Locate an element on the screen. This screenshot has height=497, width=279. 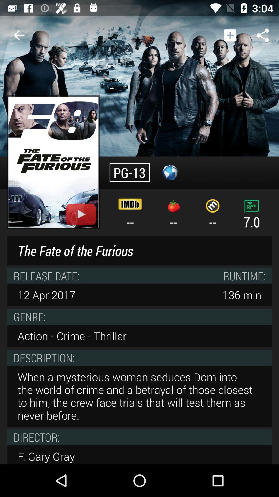
the movie on youtube.com is located at coordinates (53, 162).